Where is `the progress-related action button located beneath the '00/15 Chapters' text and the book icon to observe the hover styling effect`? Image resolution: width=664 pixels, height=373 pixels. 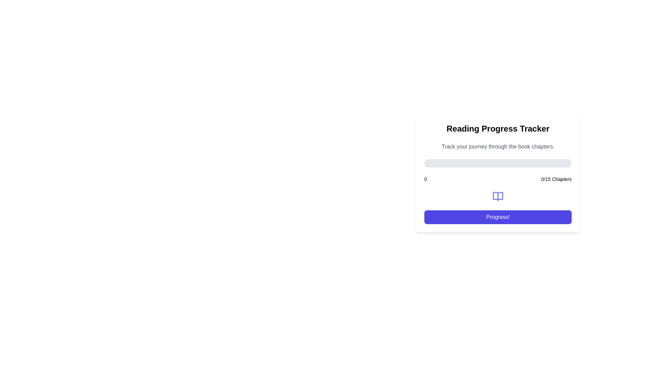 the progress-related action button located beneath the '00/15 Chapters' text and the book icon to observe the hover styling effect is located at coordinates (498, 217).